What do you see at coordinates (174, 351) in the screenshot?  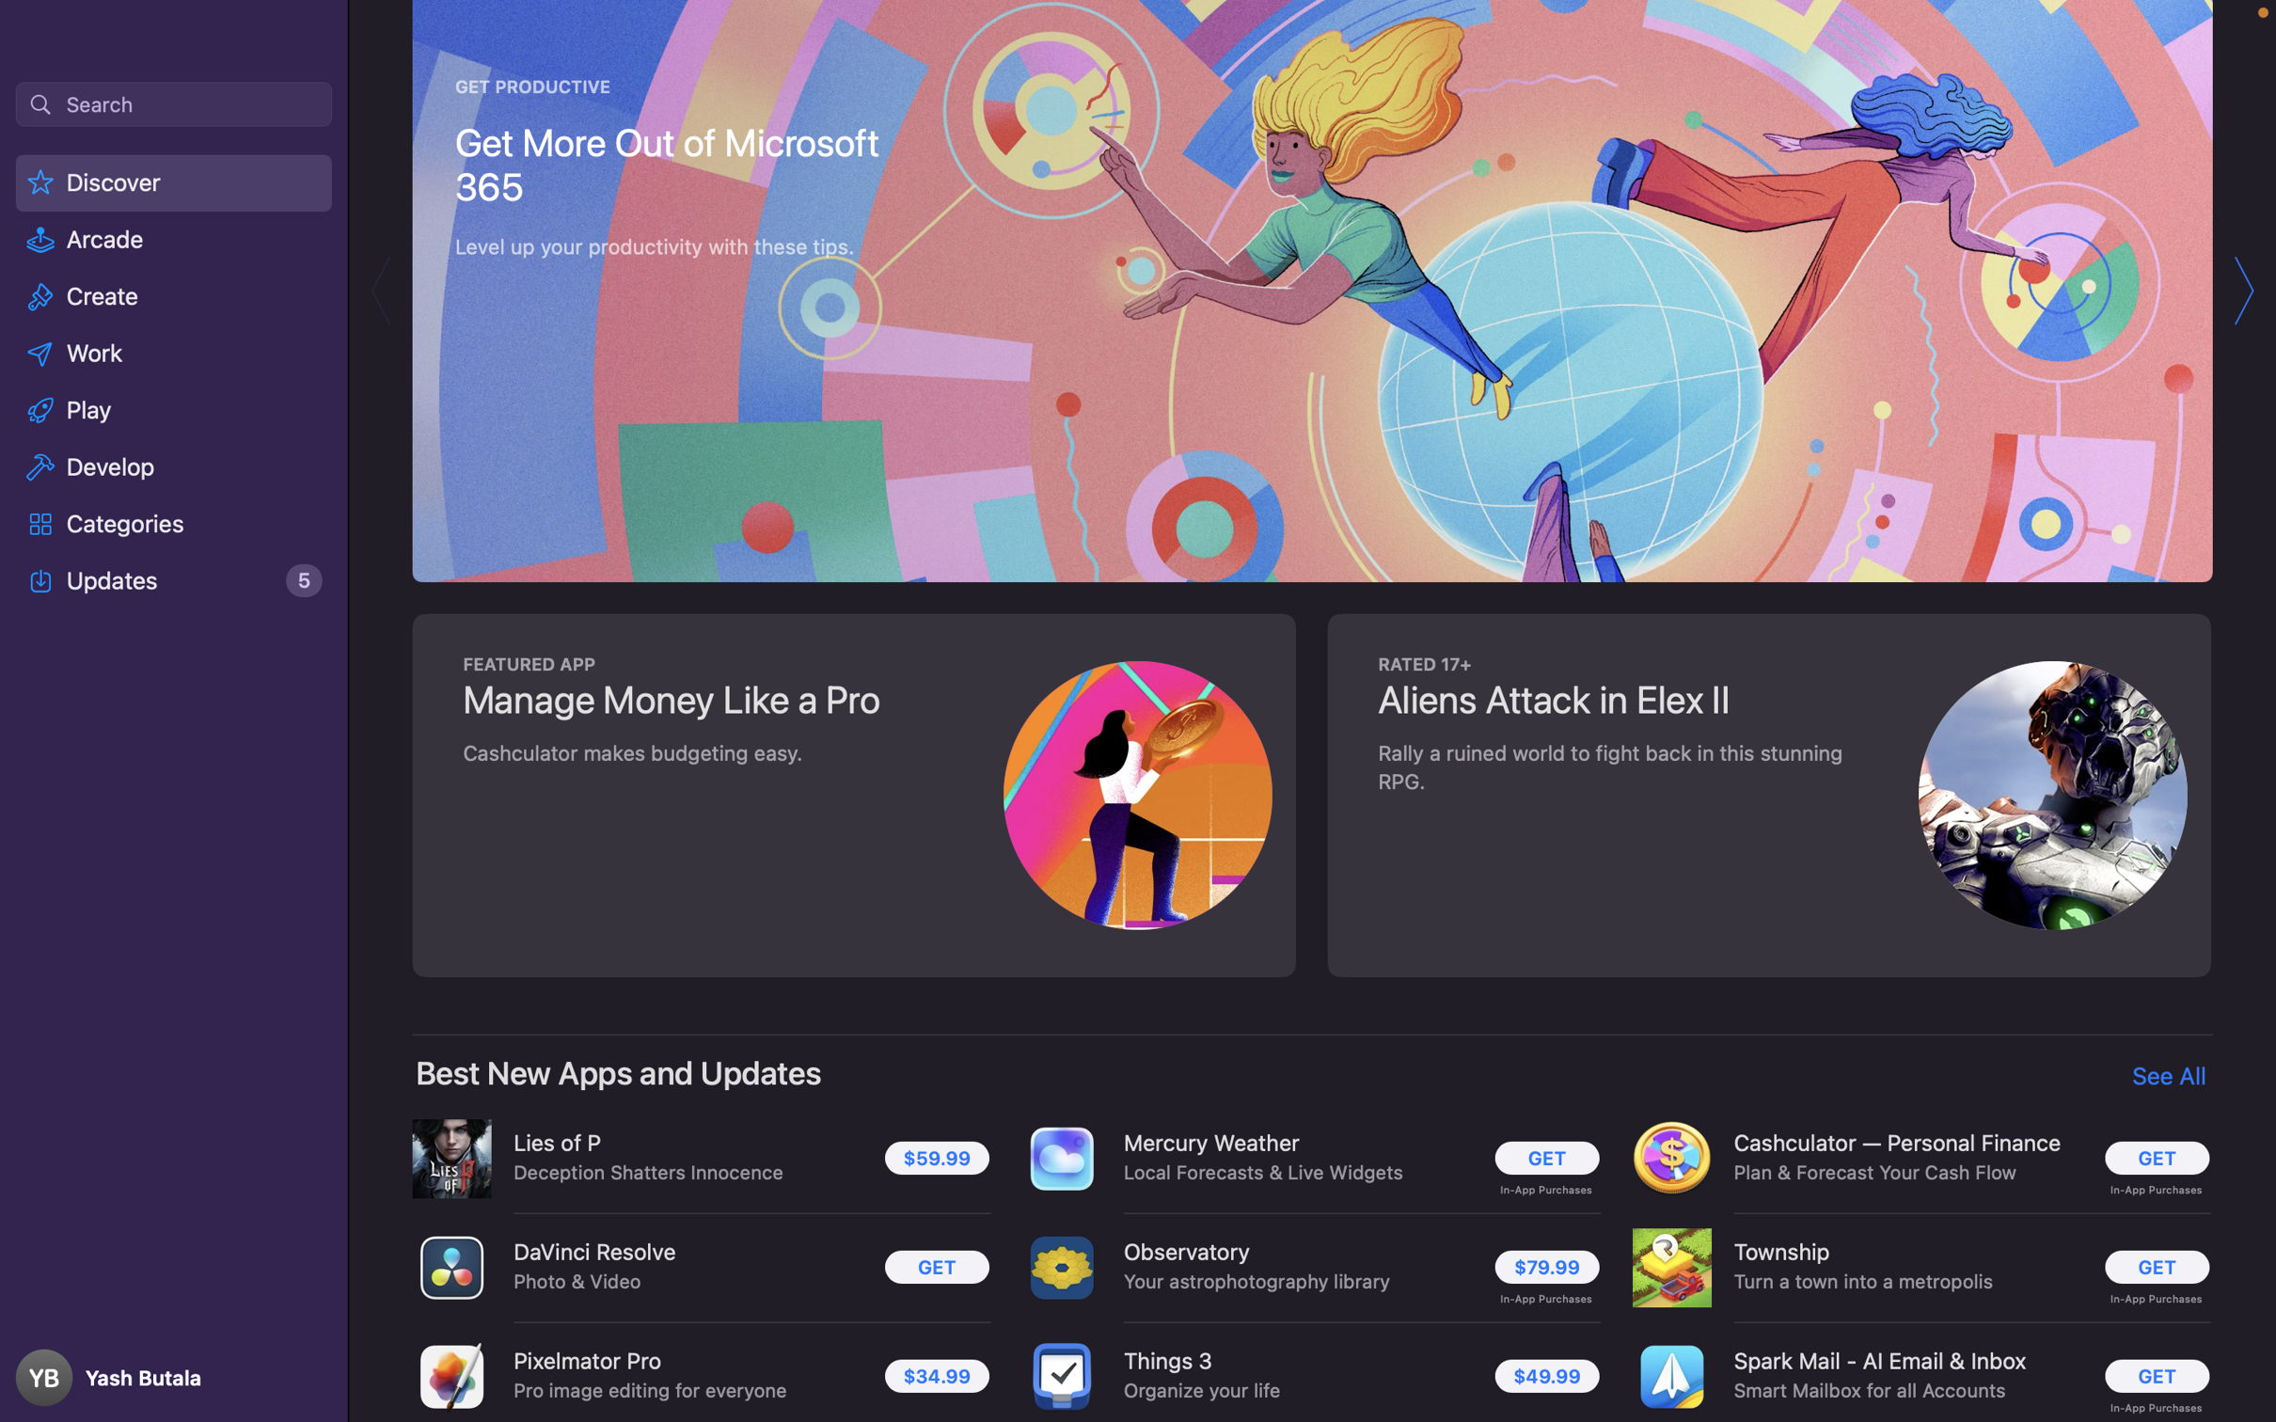 I see `the applications under work category for Mac` at bounding box center [174, 351].